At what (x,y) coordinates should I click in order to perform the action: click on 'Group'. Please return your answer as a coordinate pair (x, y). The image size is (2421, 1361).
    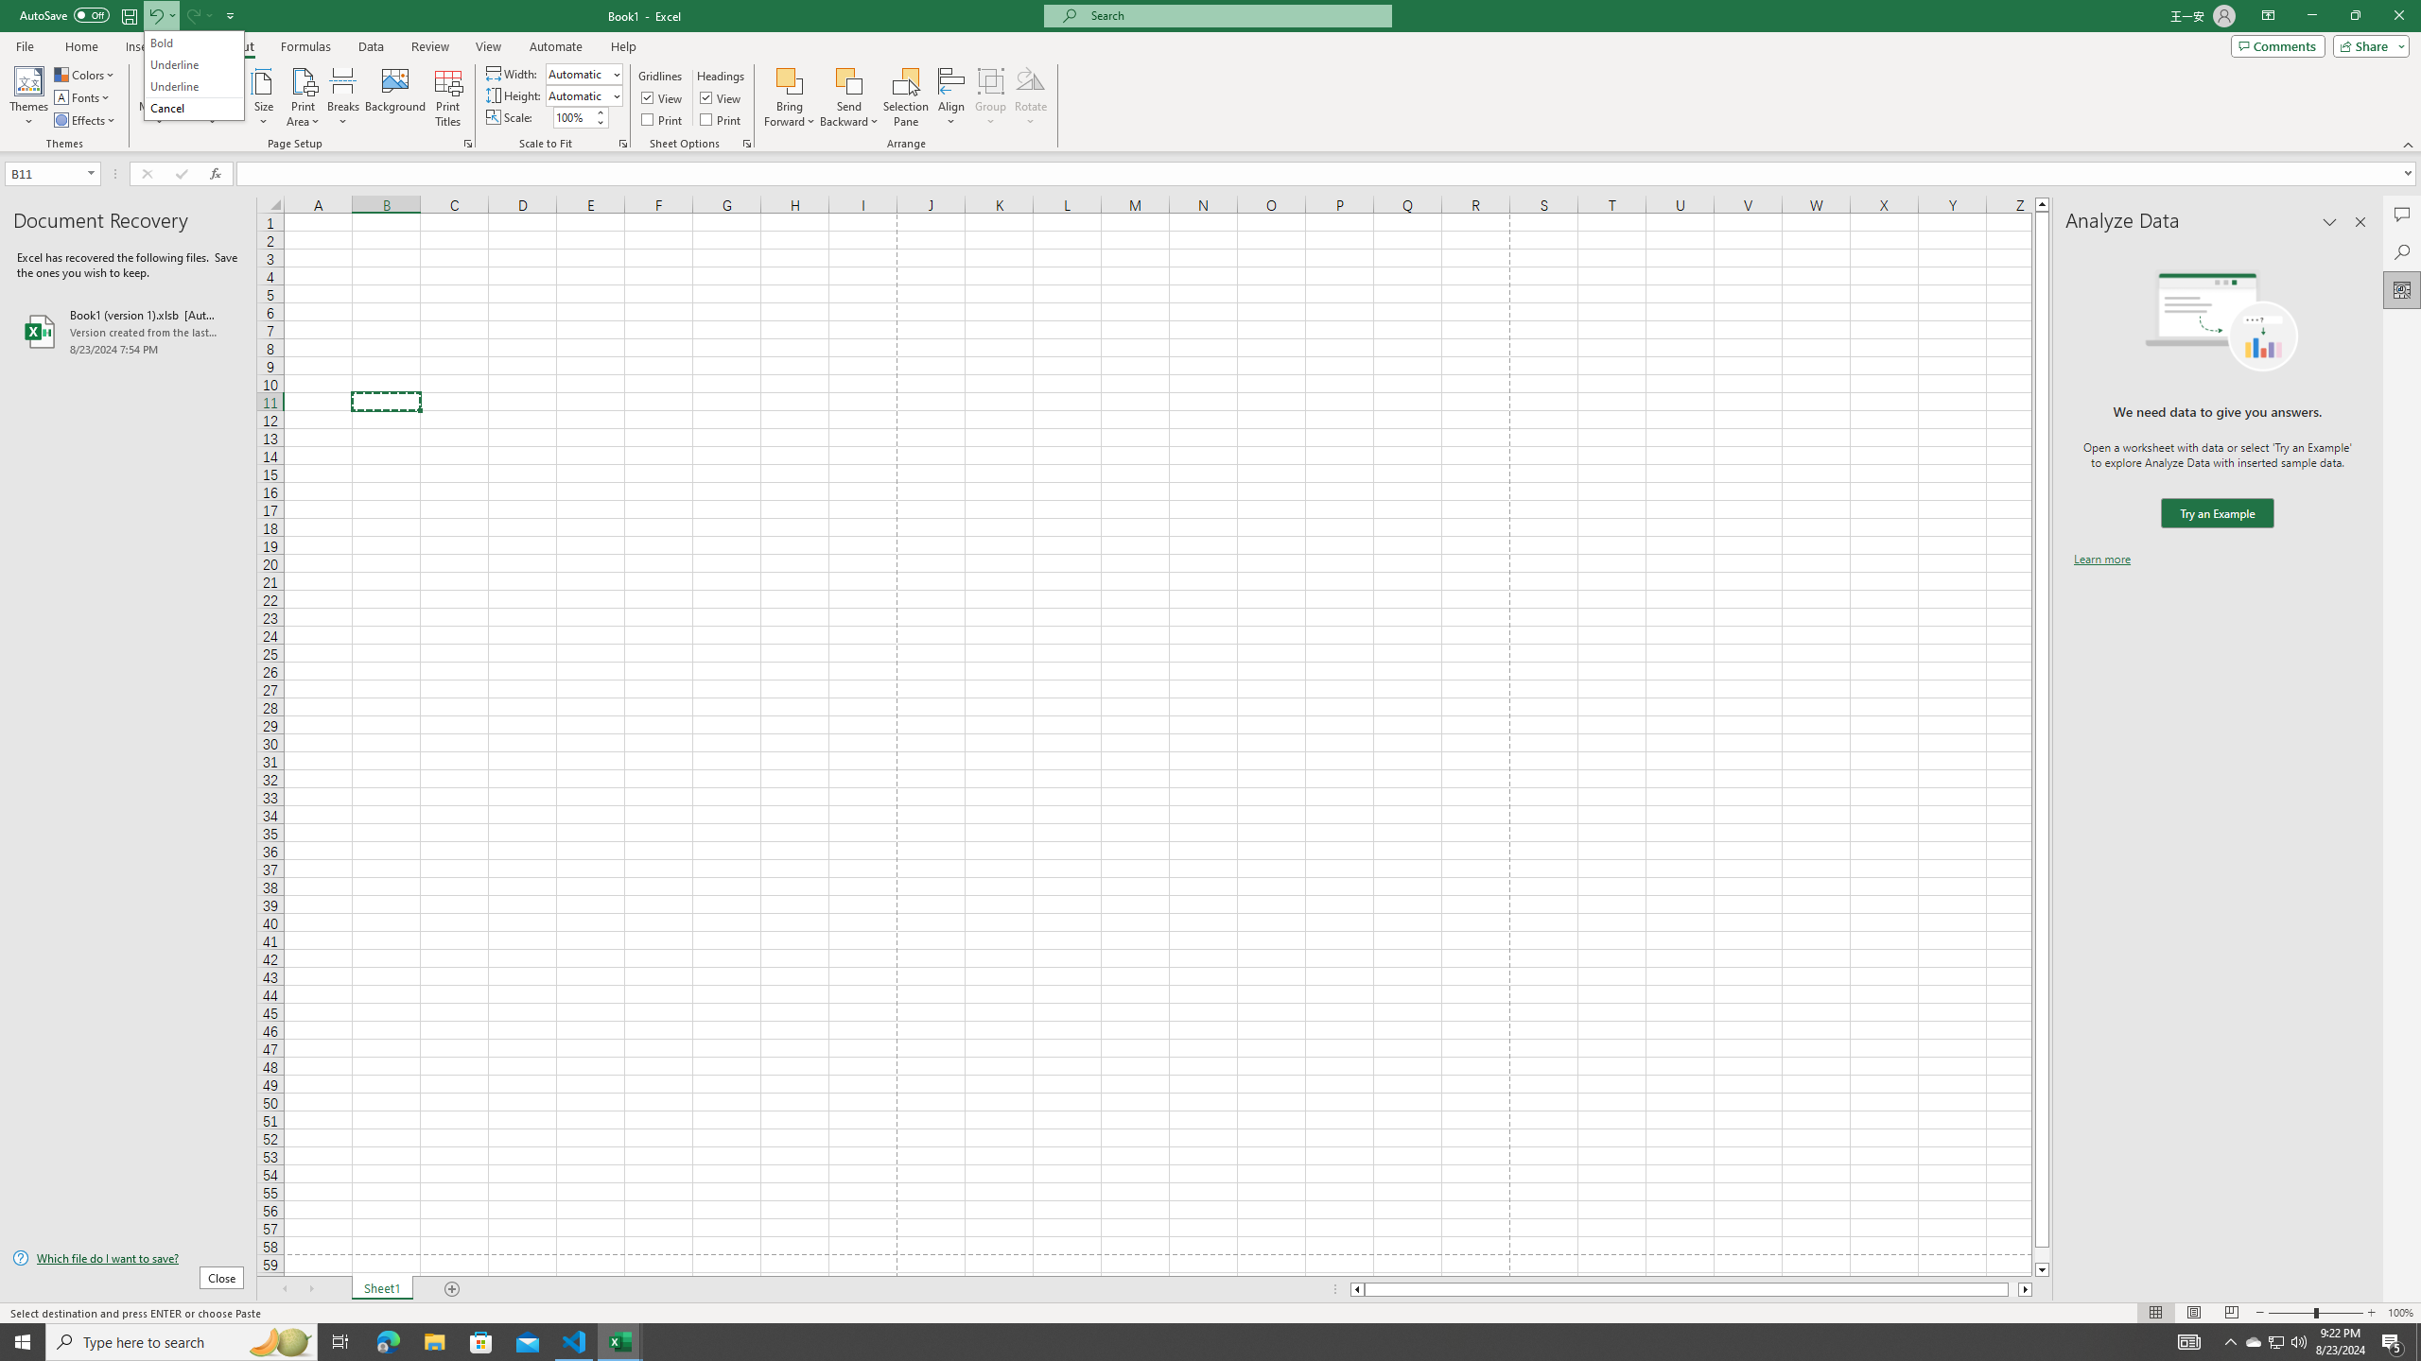
    Looking at the image, I should click on (990, 97).